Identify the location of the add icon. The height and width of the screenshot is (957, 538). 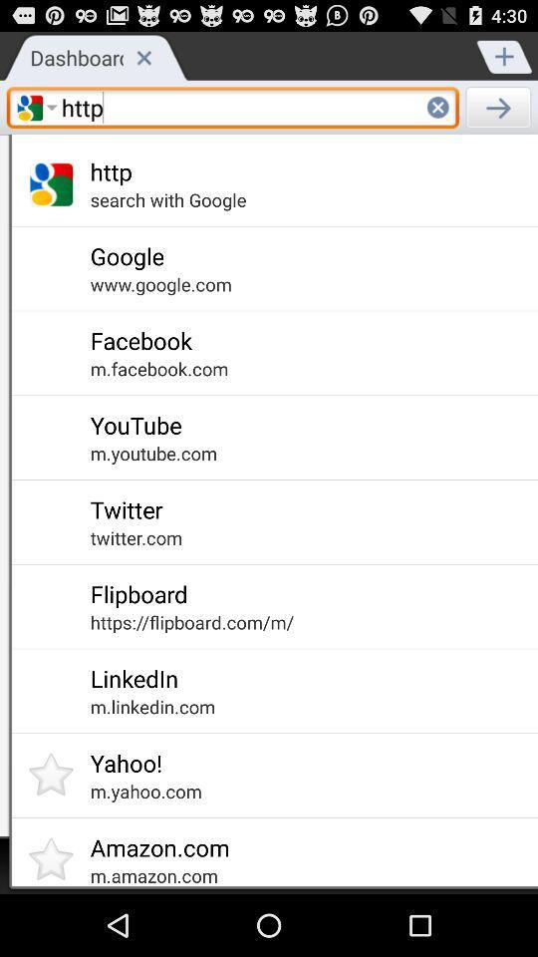
(505, 58).